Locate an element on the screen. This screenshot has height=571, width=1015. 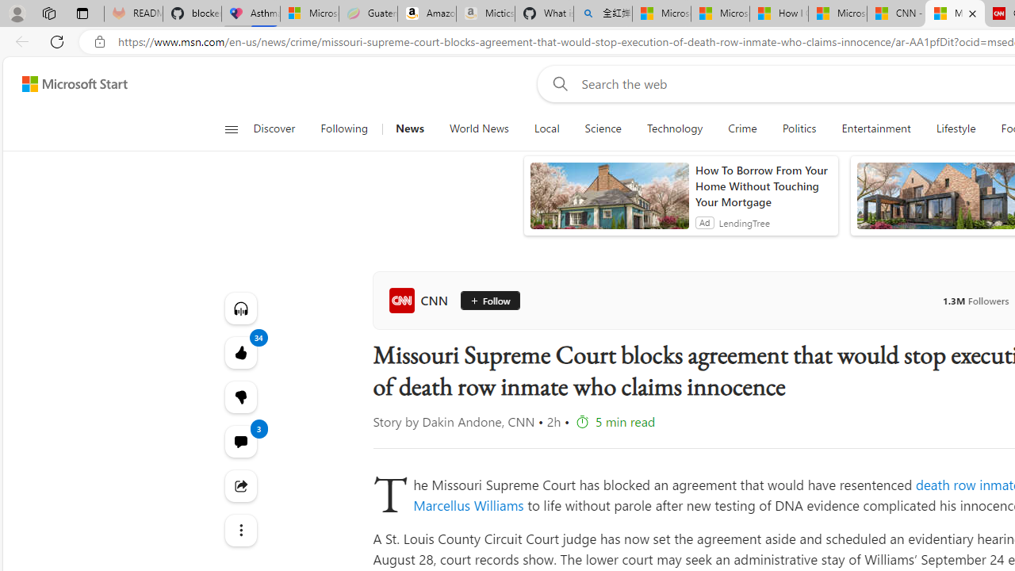
'News' is located at coordinates (409, 128).